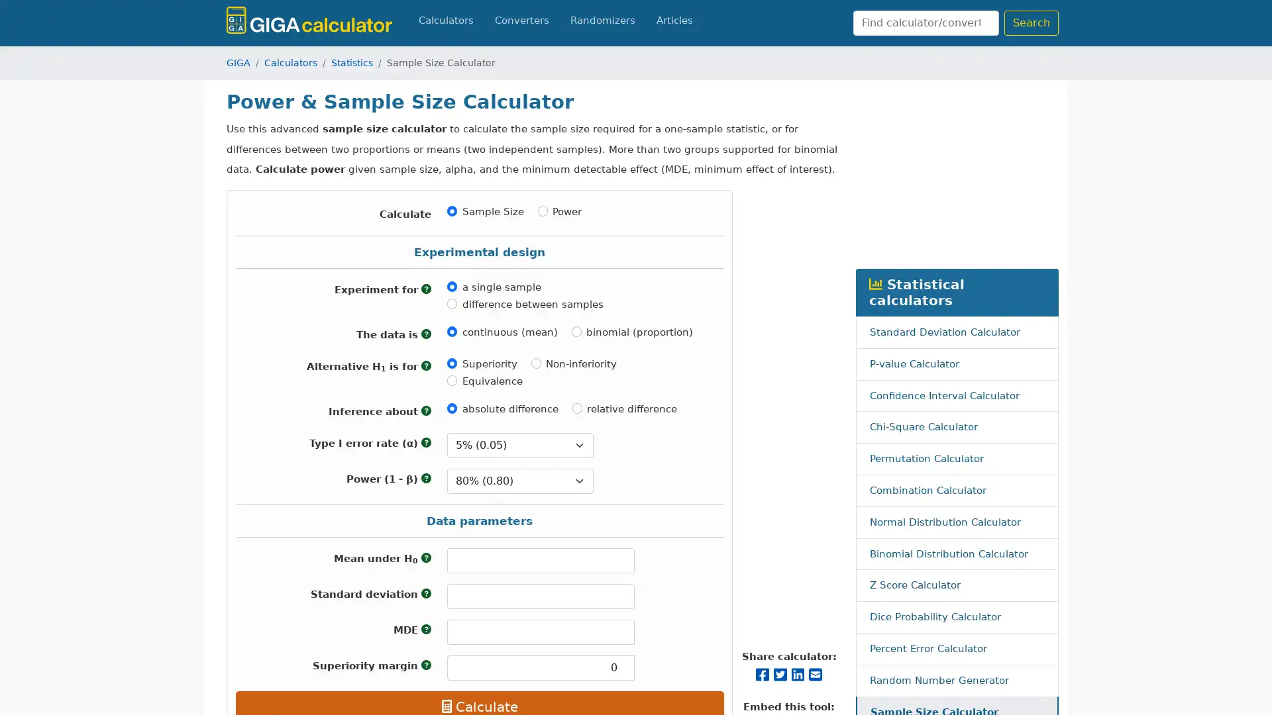 This screenshot has width=1272, height=715. I want to click on Help: Mean under H0, so click(425, 558).